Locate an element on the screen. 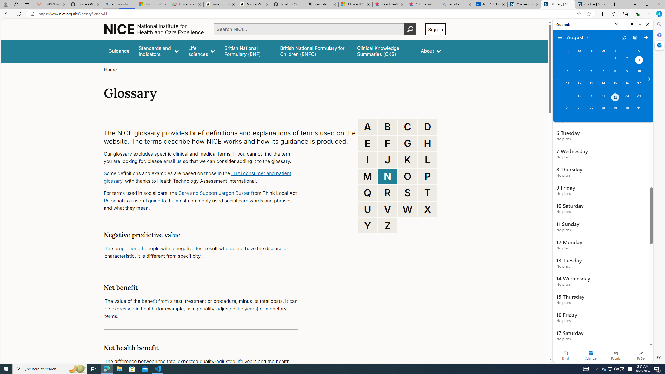 The width and height of the screenshot is (665, 374). 'Browser essentials' is located at coordinates (637, 13).